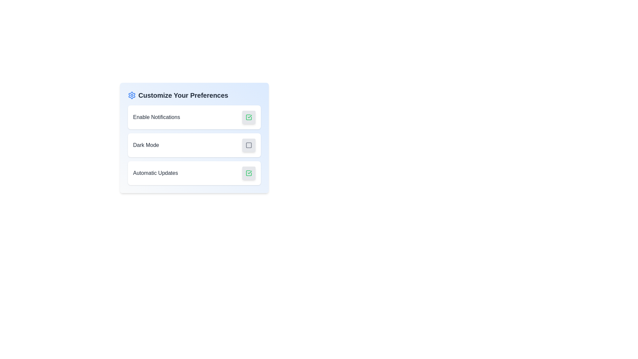 This screenshot has height=359, width=638. What do you see at coordinates (248, 173) in the screenshot?
I see `the green square icon with a check mark inside it` at bounding box center [248, 173].